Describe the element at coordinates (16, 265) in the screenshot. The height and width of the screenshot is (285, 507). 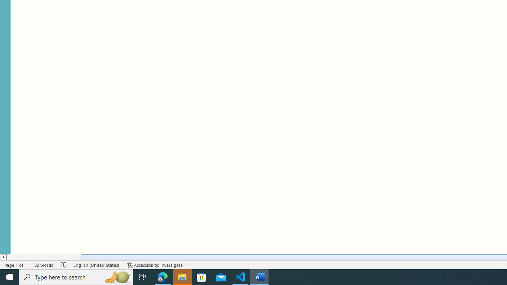
I see `'Page Number Page 1 of 1'` at that location.